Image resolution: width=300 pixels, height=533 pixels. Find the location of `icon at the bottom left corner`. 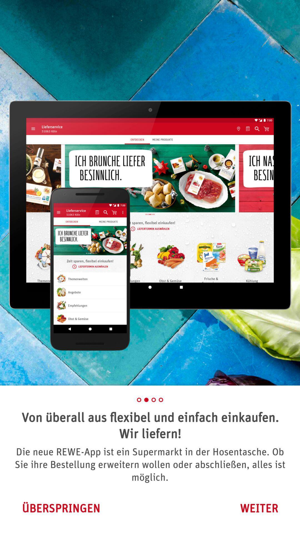

icon at the bottom left corner is located at coordinates (61, 508).